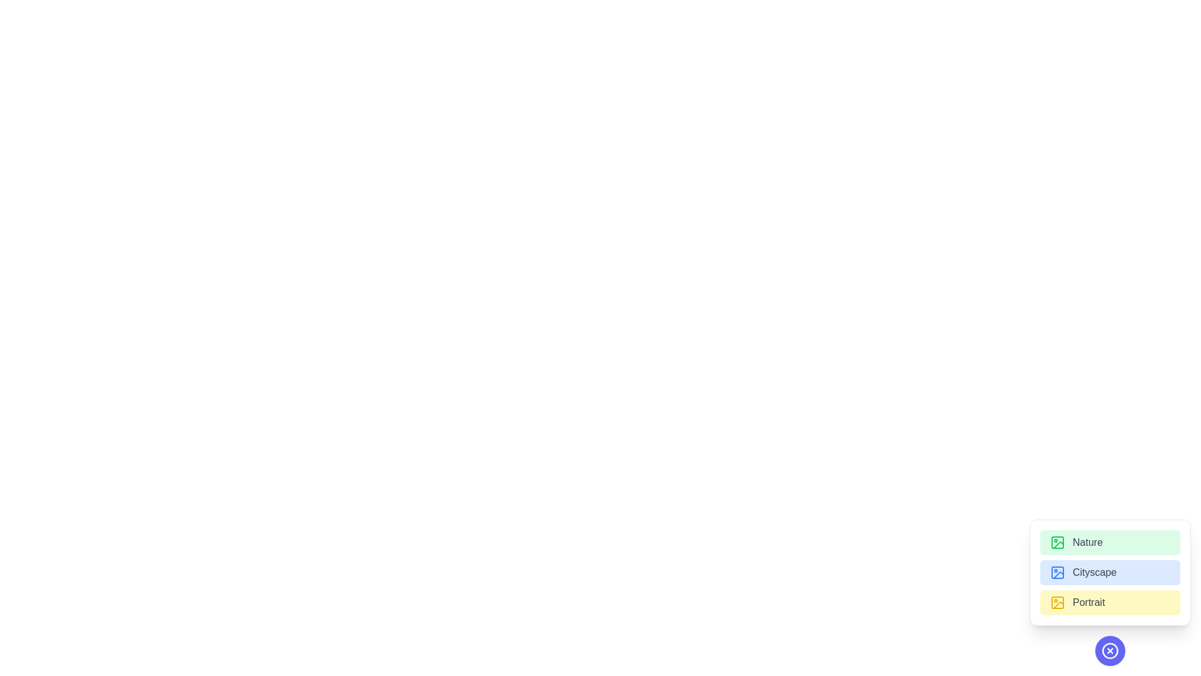  What do you see at coordinates (312, 312) in the screenshot?
I see `the background area outside the component to focus away` at bounding box center [312, 312].